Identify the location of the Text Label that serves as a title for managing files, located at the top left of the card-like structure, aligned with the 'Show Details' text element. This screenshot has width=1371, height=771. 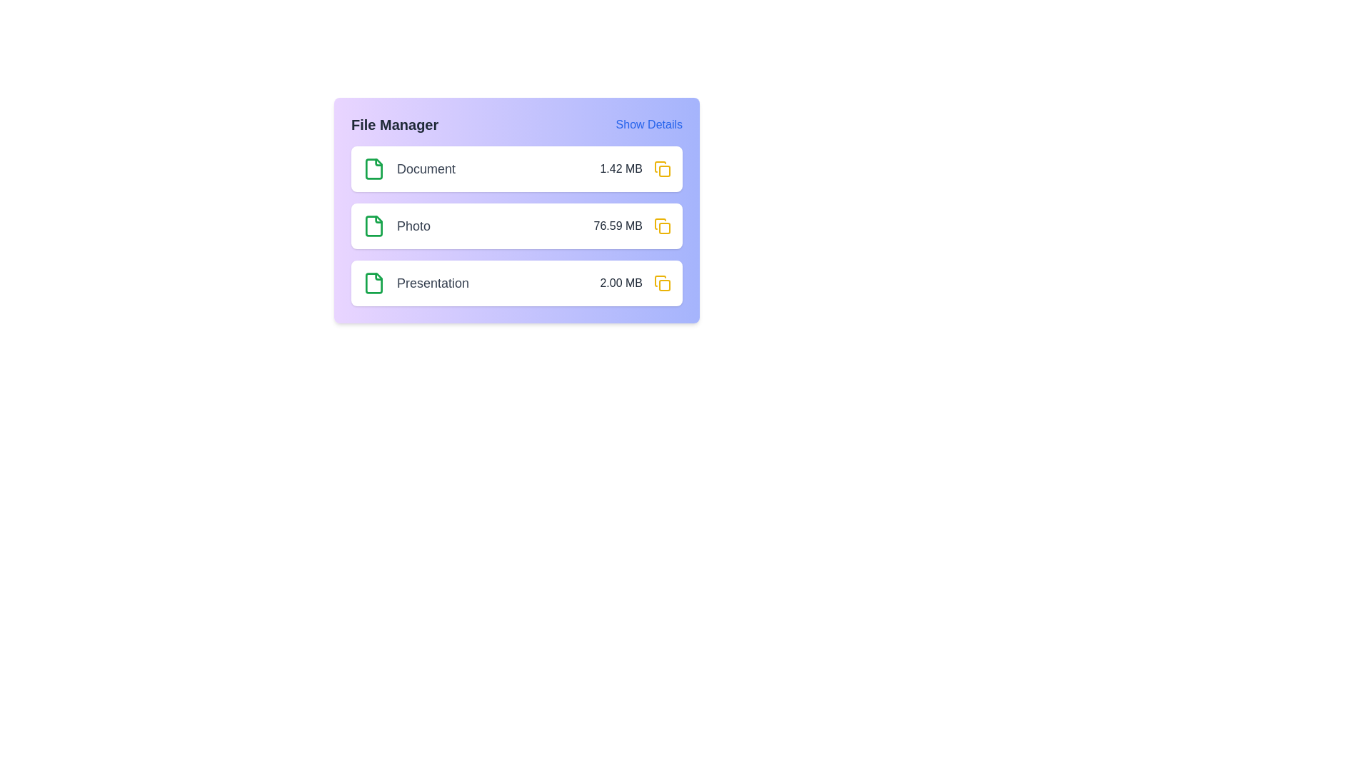
(395, 124).